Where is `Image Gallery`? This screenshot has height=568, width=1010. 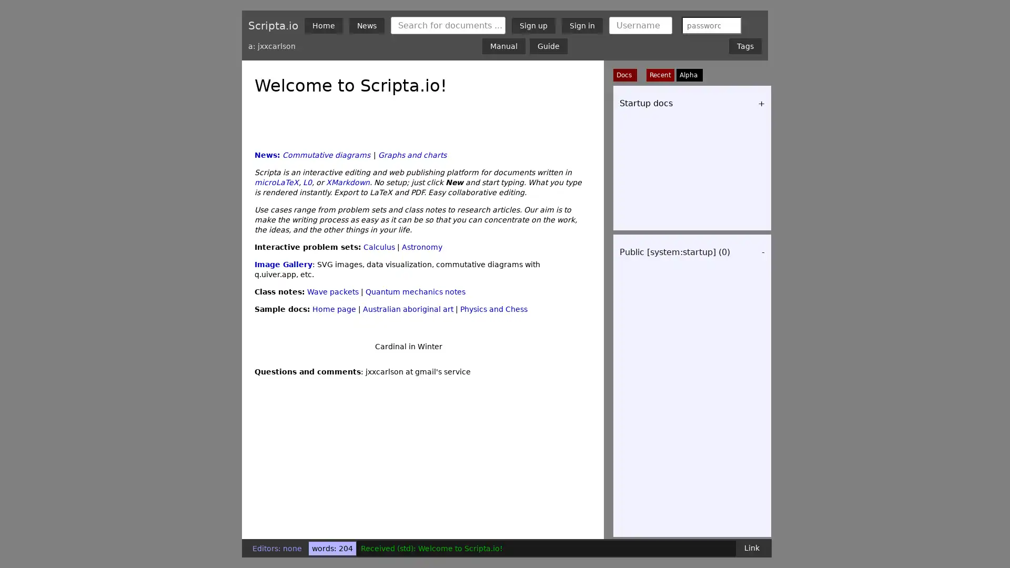
Image Gallery is located at coordinates (283, 346).